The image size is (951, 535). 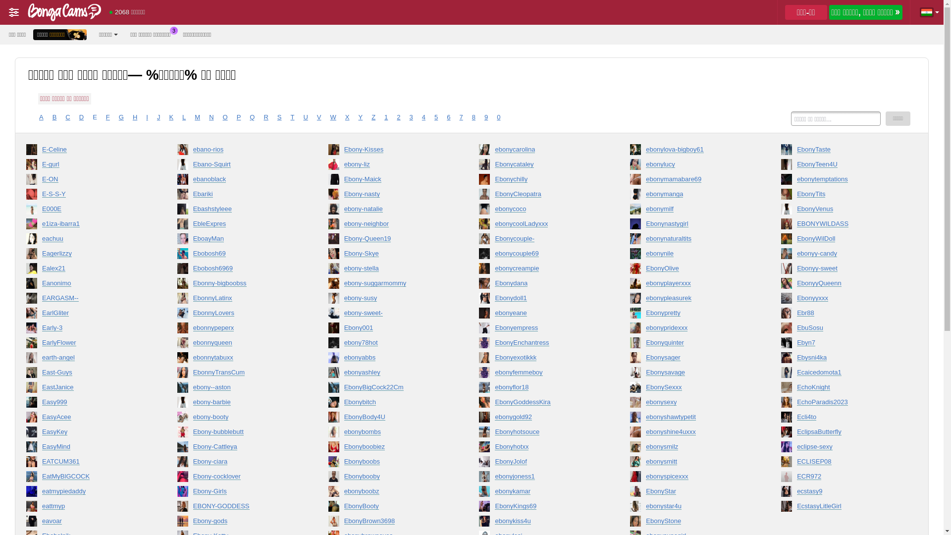 What do you see at coordinates (292, 116) in the screenshot?
I see `'T'` at bounding box center [292, 116].